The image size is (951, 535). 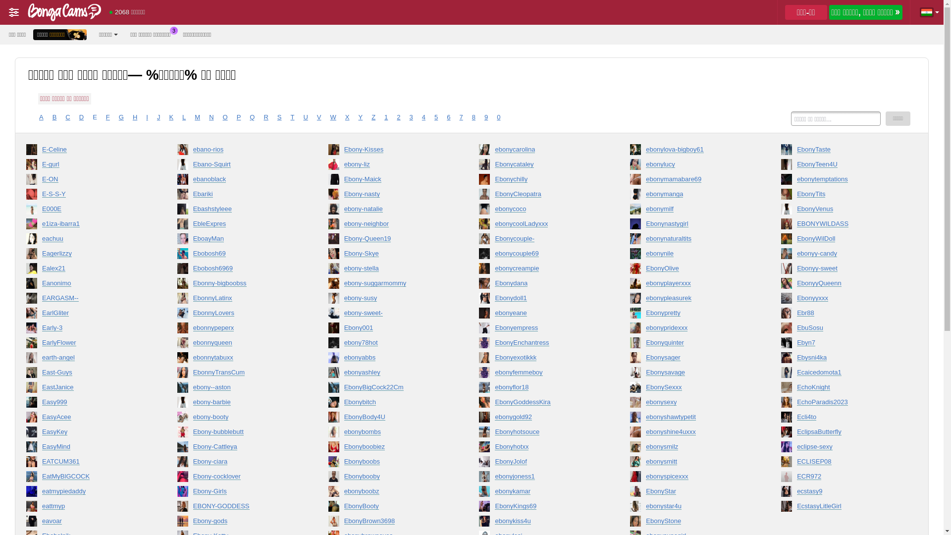 What do you see at coordinates (292, 116) in the screenshot?
I see `'T'` at bounding box center [292, 116].